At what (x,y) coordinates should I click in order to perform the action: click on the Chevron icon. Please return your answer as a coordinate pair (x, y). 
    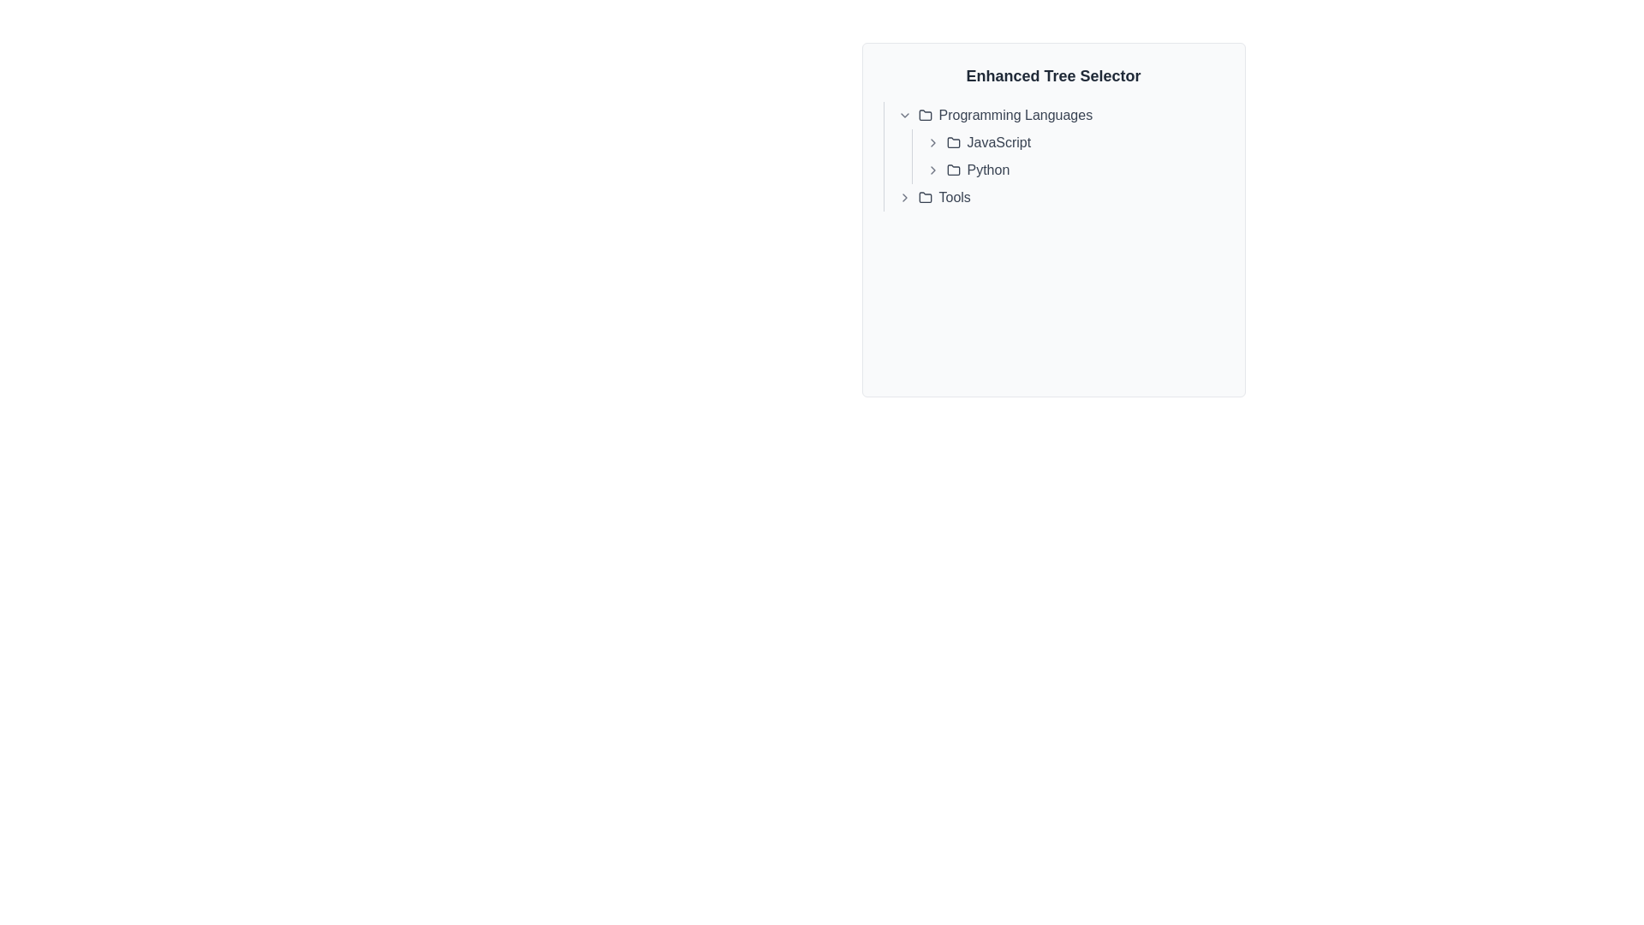
    Looking at the image, I should click on (903, 116).